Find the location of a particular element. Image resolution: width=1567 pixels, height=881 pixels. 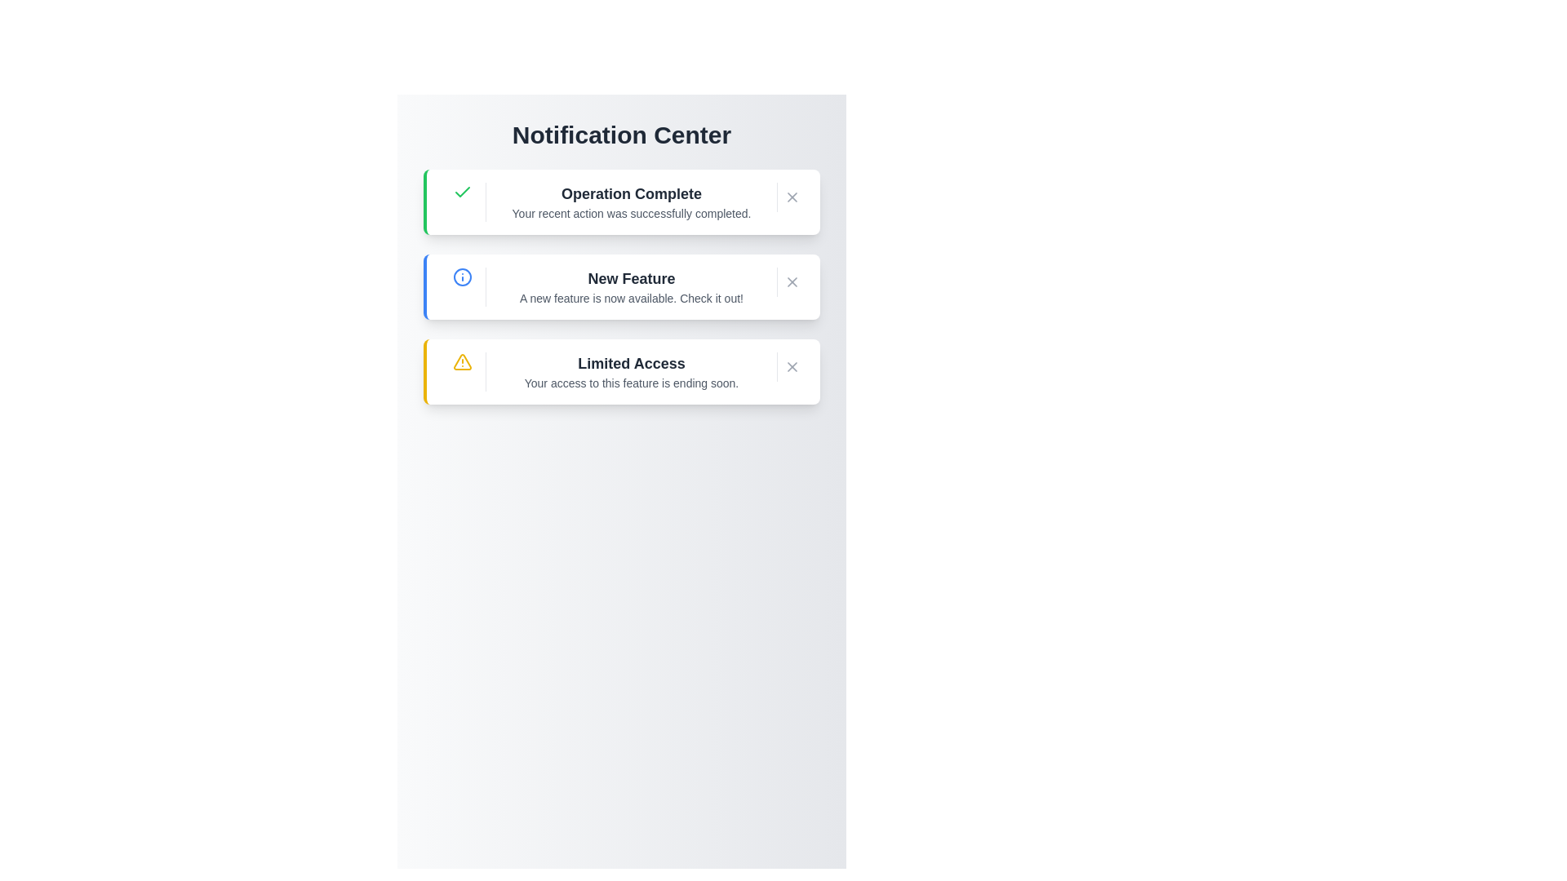

text of the first notification box in the Notification Center, located directly below the header 'Notification Center' and above the notifications labeled 'New Feature' and 'Limited Access.' is located at coordinates (621, 201).